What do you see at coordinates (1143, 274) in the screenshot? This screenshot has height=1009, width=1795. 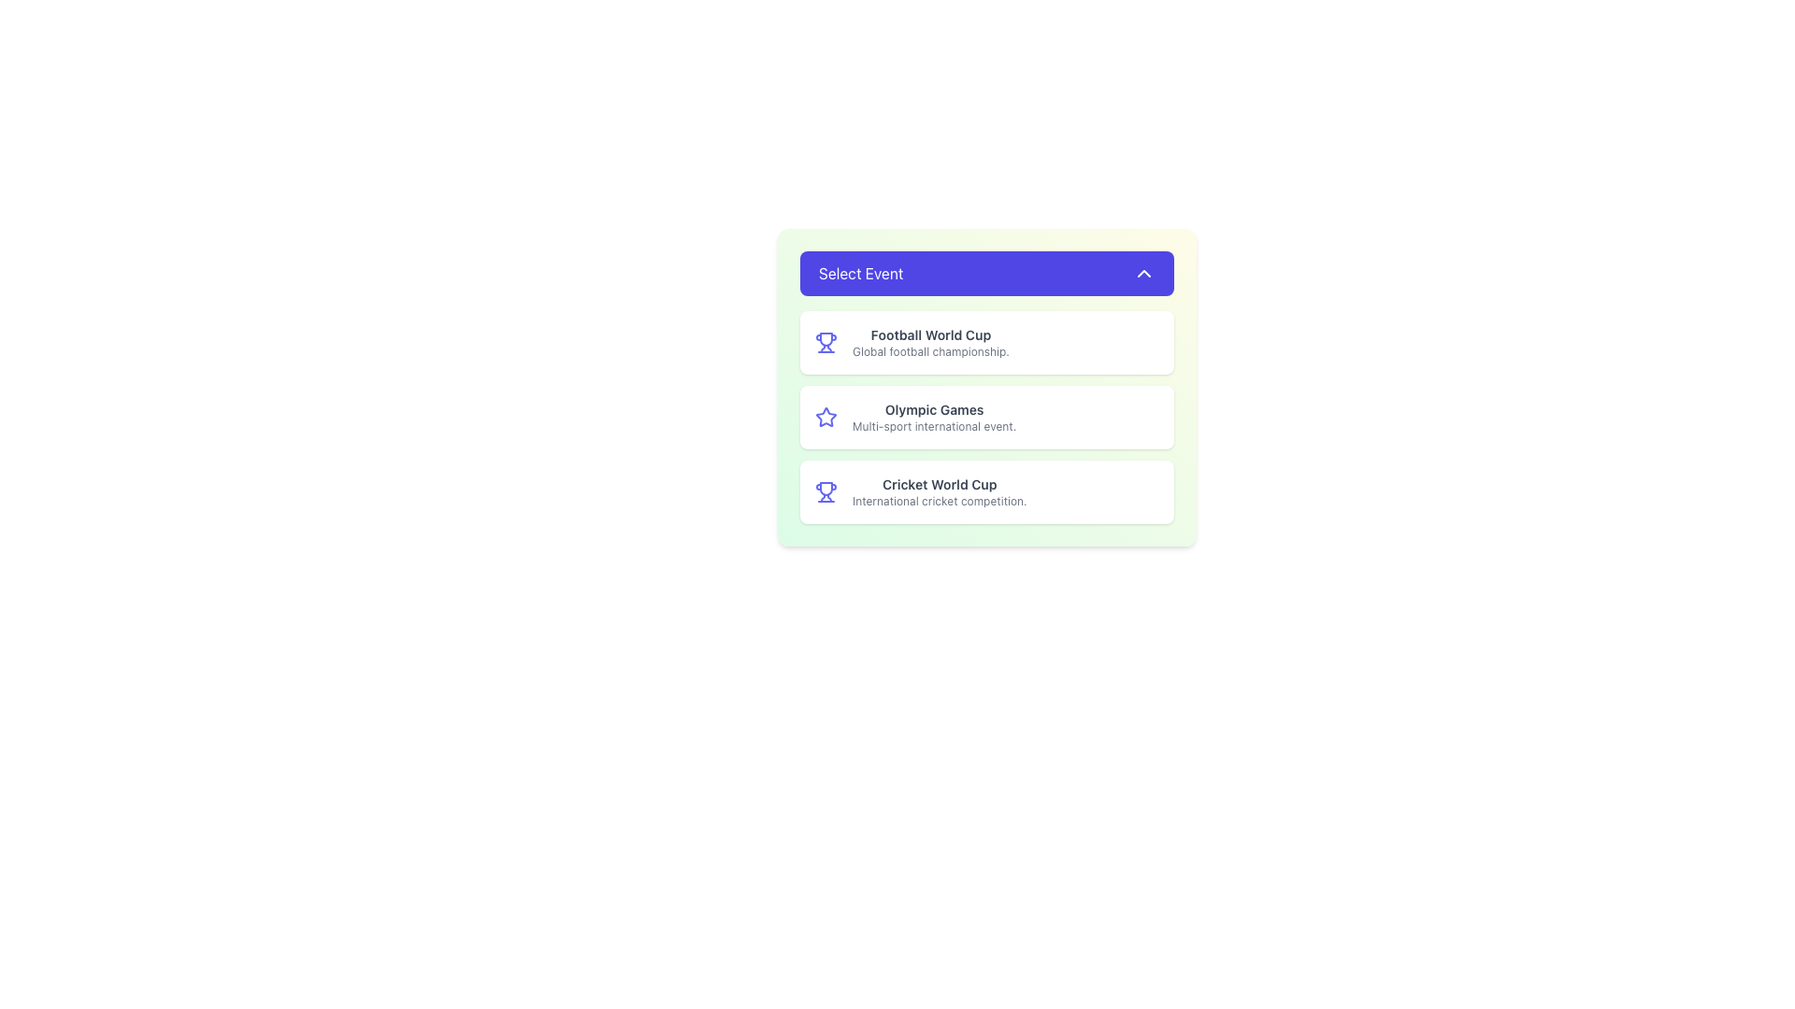 I see `the small upward-pointing chevron icon located inside the blue button-like area labeled 'Select Event' in the top-right corner` at bounding box center [1143, 274].